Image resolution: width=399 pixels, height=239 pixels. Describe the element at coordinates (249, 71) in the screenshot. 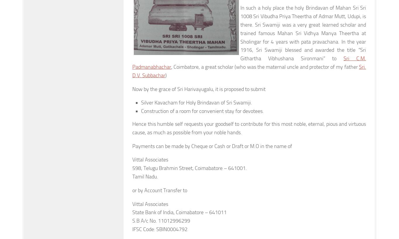

I see `'Sri. D.V. Subbachar'` at that location.